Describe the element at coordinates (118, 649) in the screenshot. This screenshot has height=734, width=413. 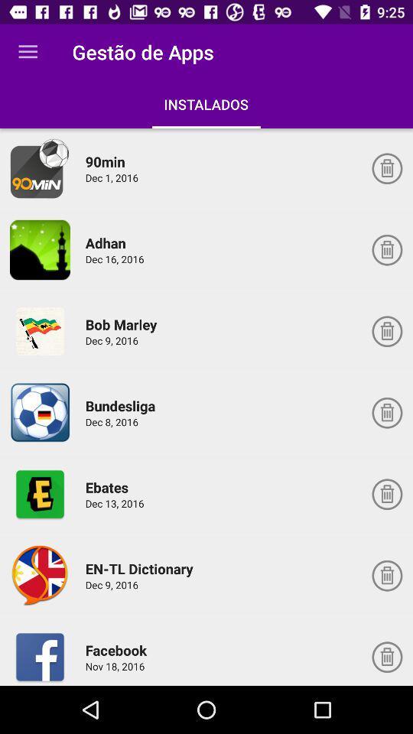
I see `the icon below dec 9, 2016 icon` at that location.